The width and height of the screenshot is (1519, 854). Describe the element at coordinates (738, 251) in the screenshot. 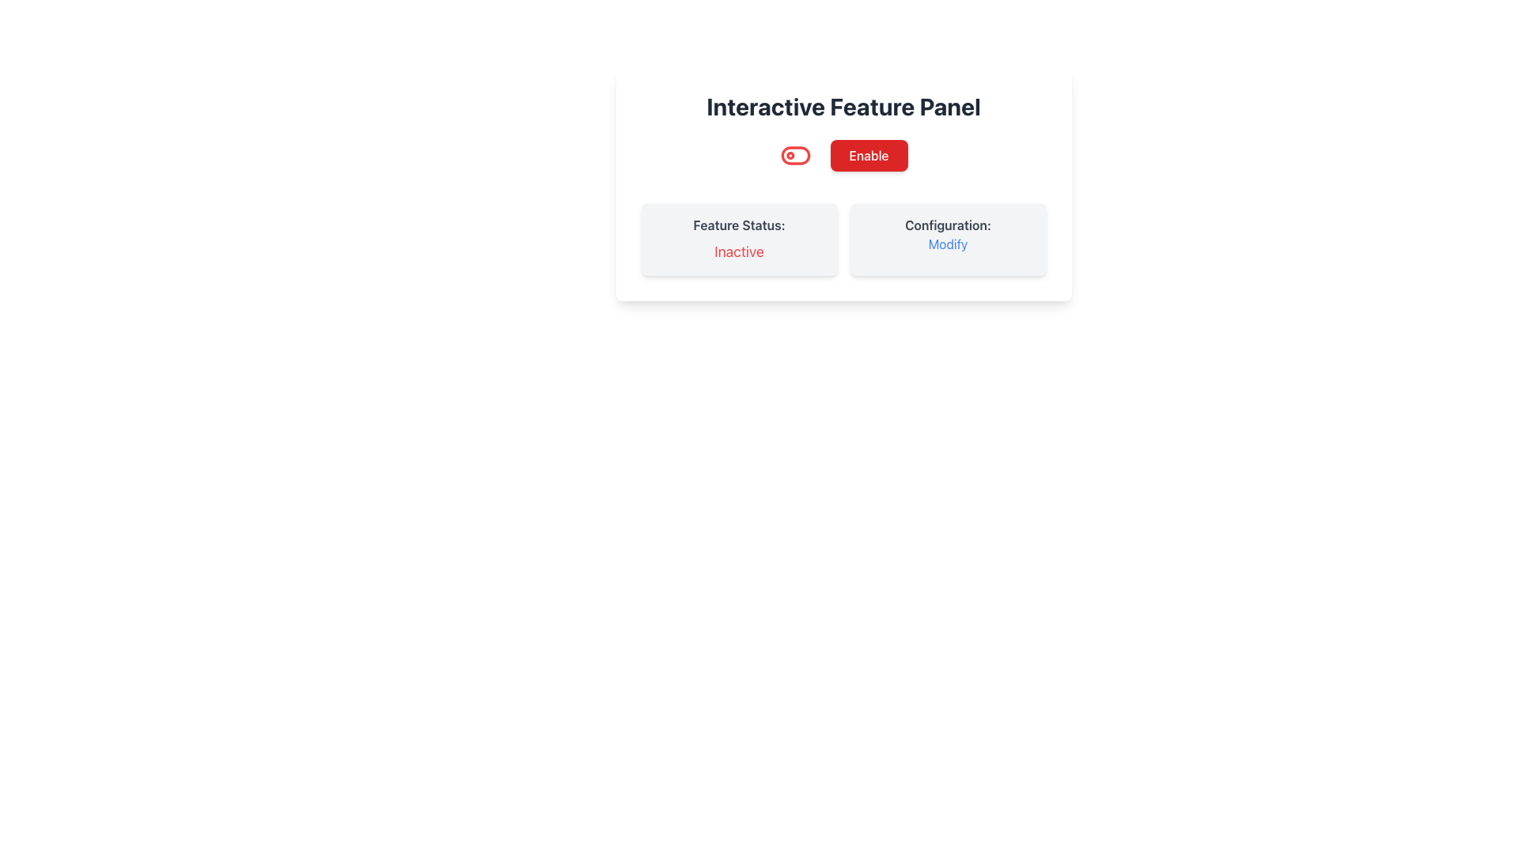

I see `the label displaying 'Inactive' in large, red, bold font, located in the lower section of the 'Feature Status:' box` at that location.